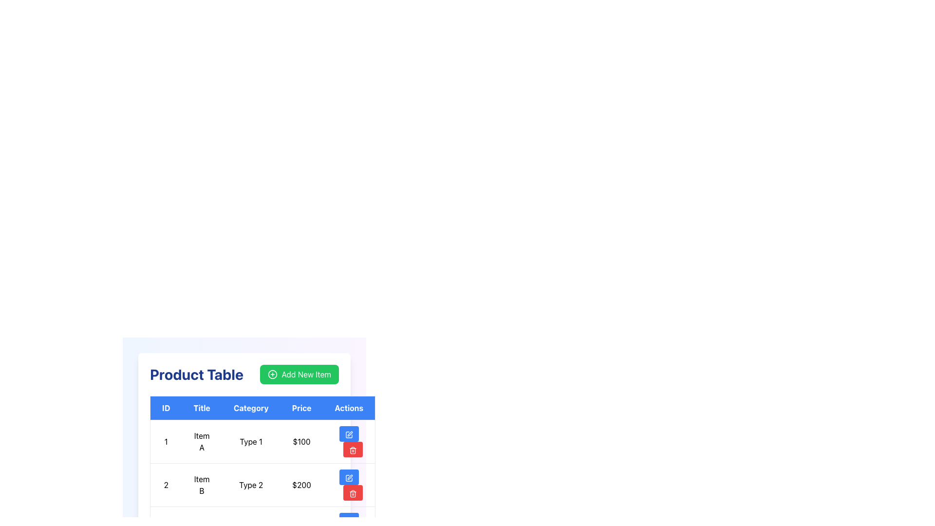 Image resolution: width=935 pixels, height=526 pixels. Describe the element at coordinates (349, 477) in the screenshot. I see `the blue action button icon located in the second row of the 'Actions' column in the displayed data table` at that location.